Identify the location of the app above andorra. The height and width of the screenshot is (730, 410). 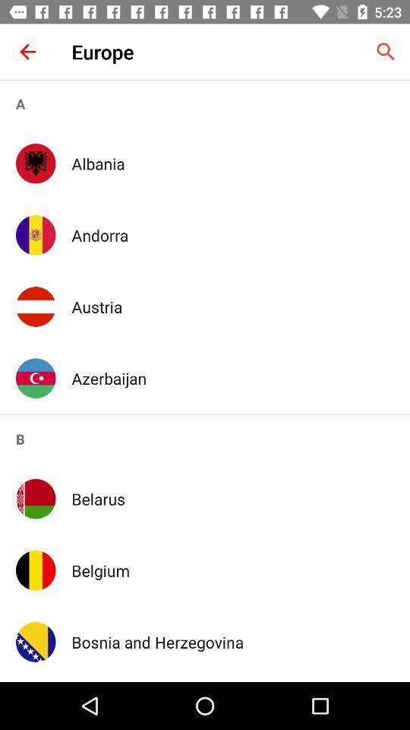
(232, 163).